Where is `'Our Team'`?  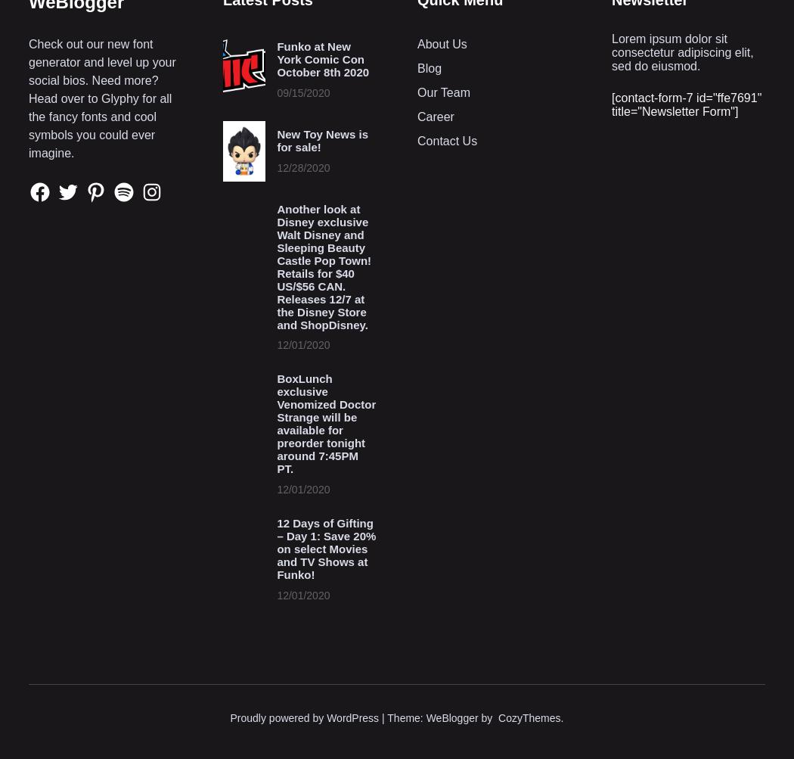 'Our Team' is located at coordinates (417, 91).